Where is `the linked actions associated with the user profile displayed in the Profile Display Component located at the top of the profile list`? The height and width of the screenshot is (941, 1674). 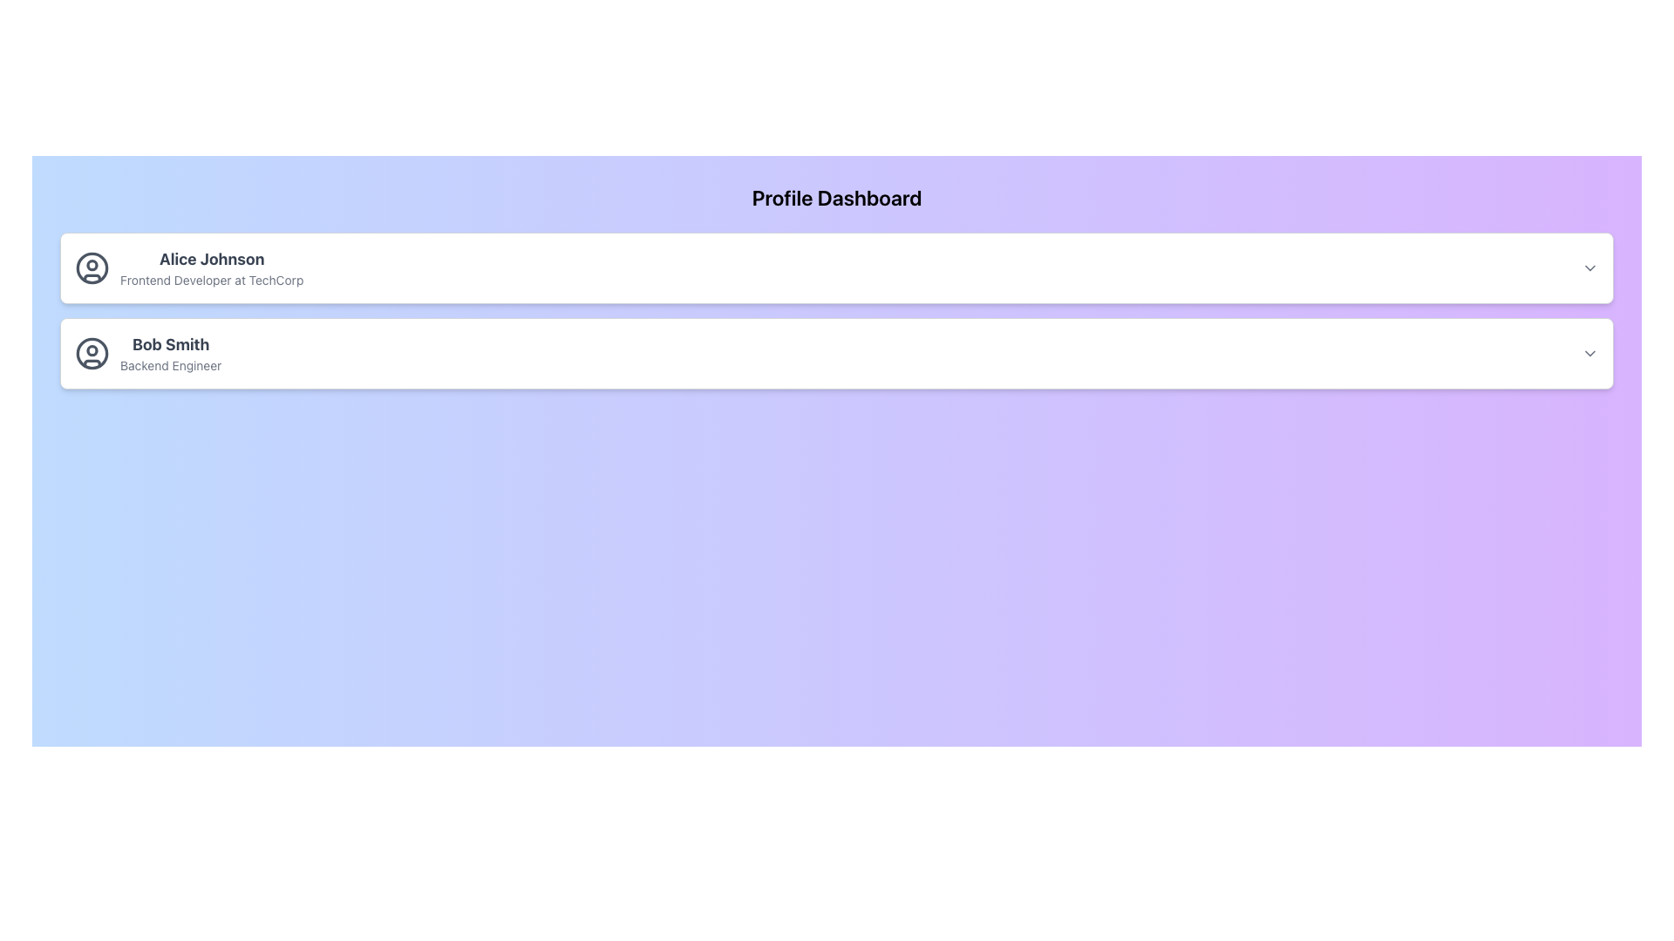
the linked actions associated with the user profile displayed in the Profile Display Component located at the top of the profile list is located at coordinates (189, 268).